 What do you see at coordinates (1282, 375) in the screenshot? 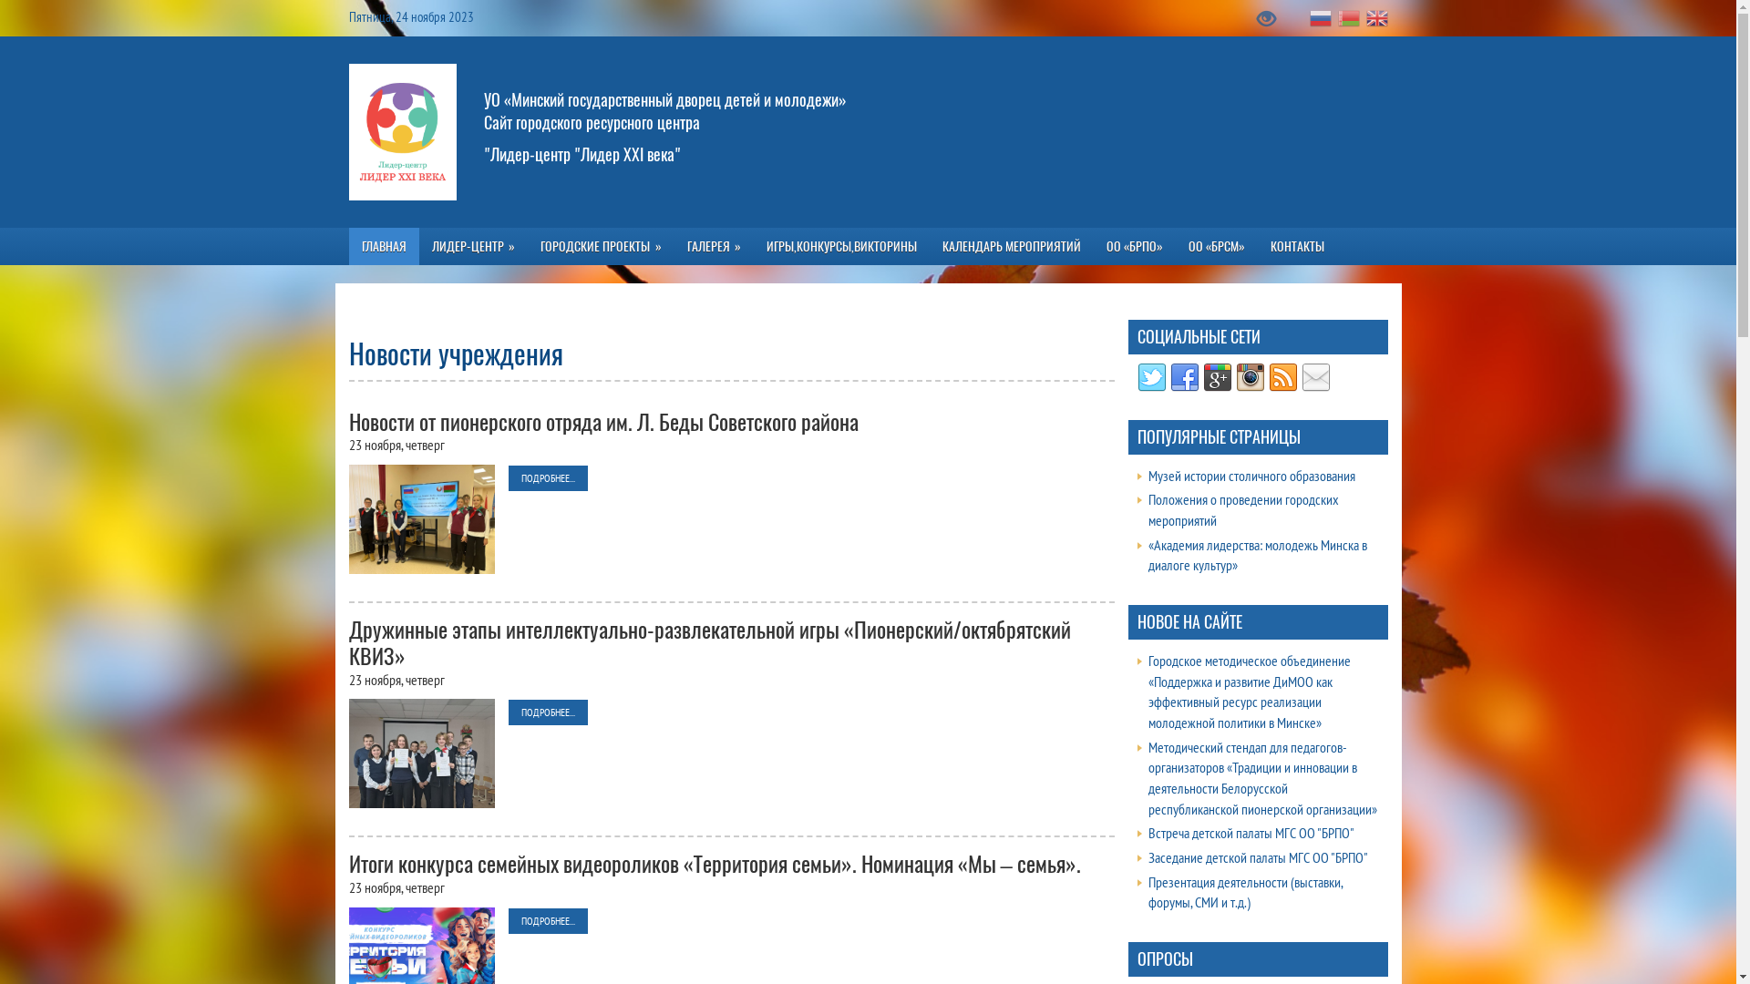
I see `'RSS Feed'` at bounding box center [1282, 375].